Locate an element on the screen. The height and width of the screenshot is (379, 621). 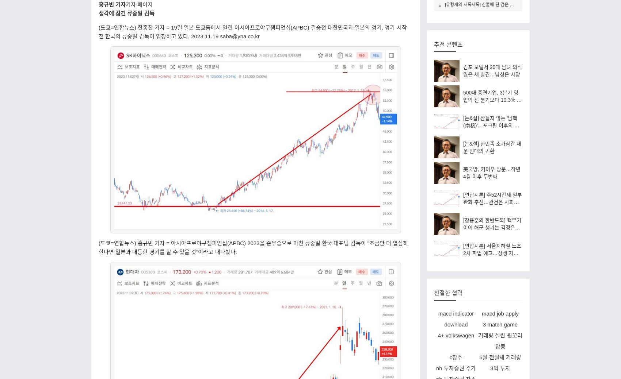
'[논&설] 잠들지 않는 '남핵(南核)'…포크란 이후의 인도는 안전해졌을까' is located at coordinates (463, 125).